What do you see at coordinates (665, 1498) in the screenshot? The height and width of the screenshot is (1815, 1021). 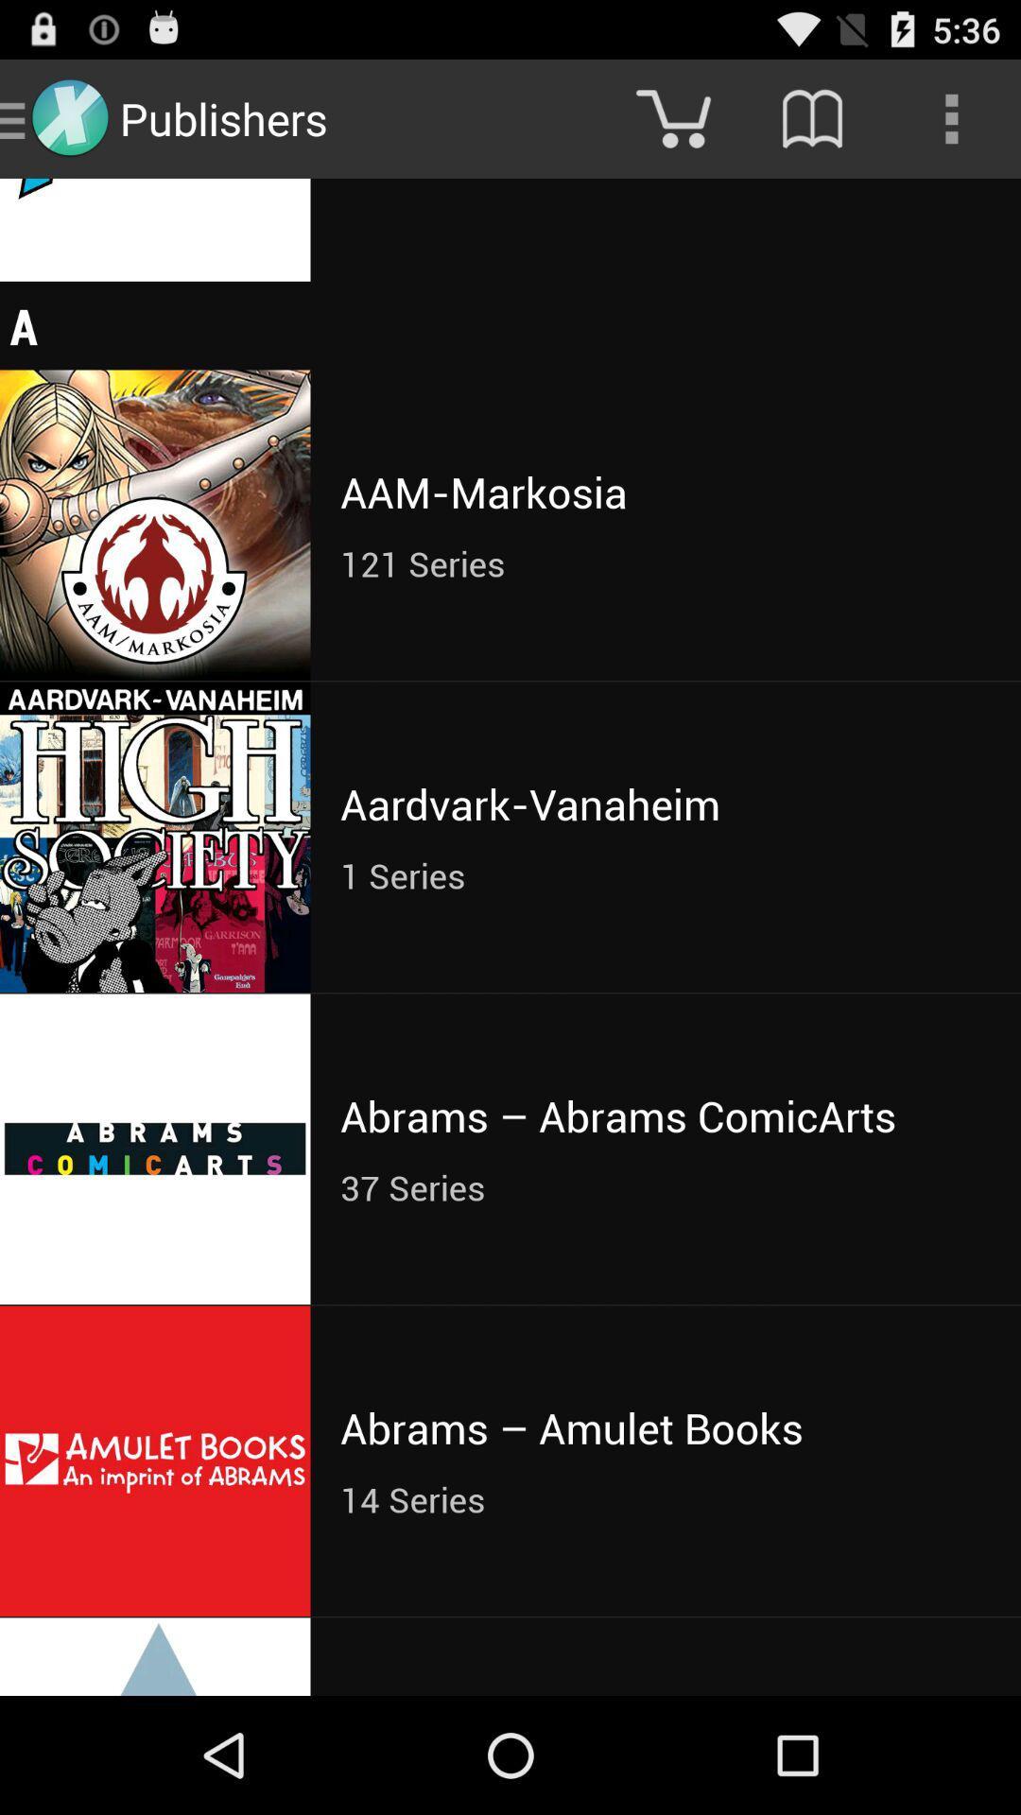 I see `the 14 series icon` at bounding box center [665, 1498].